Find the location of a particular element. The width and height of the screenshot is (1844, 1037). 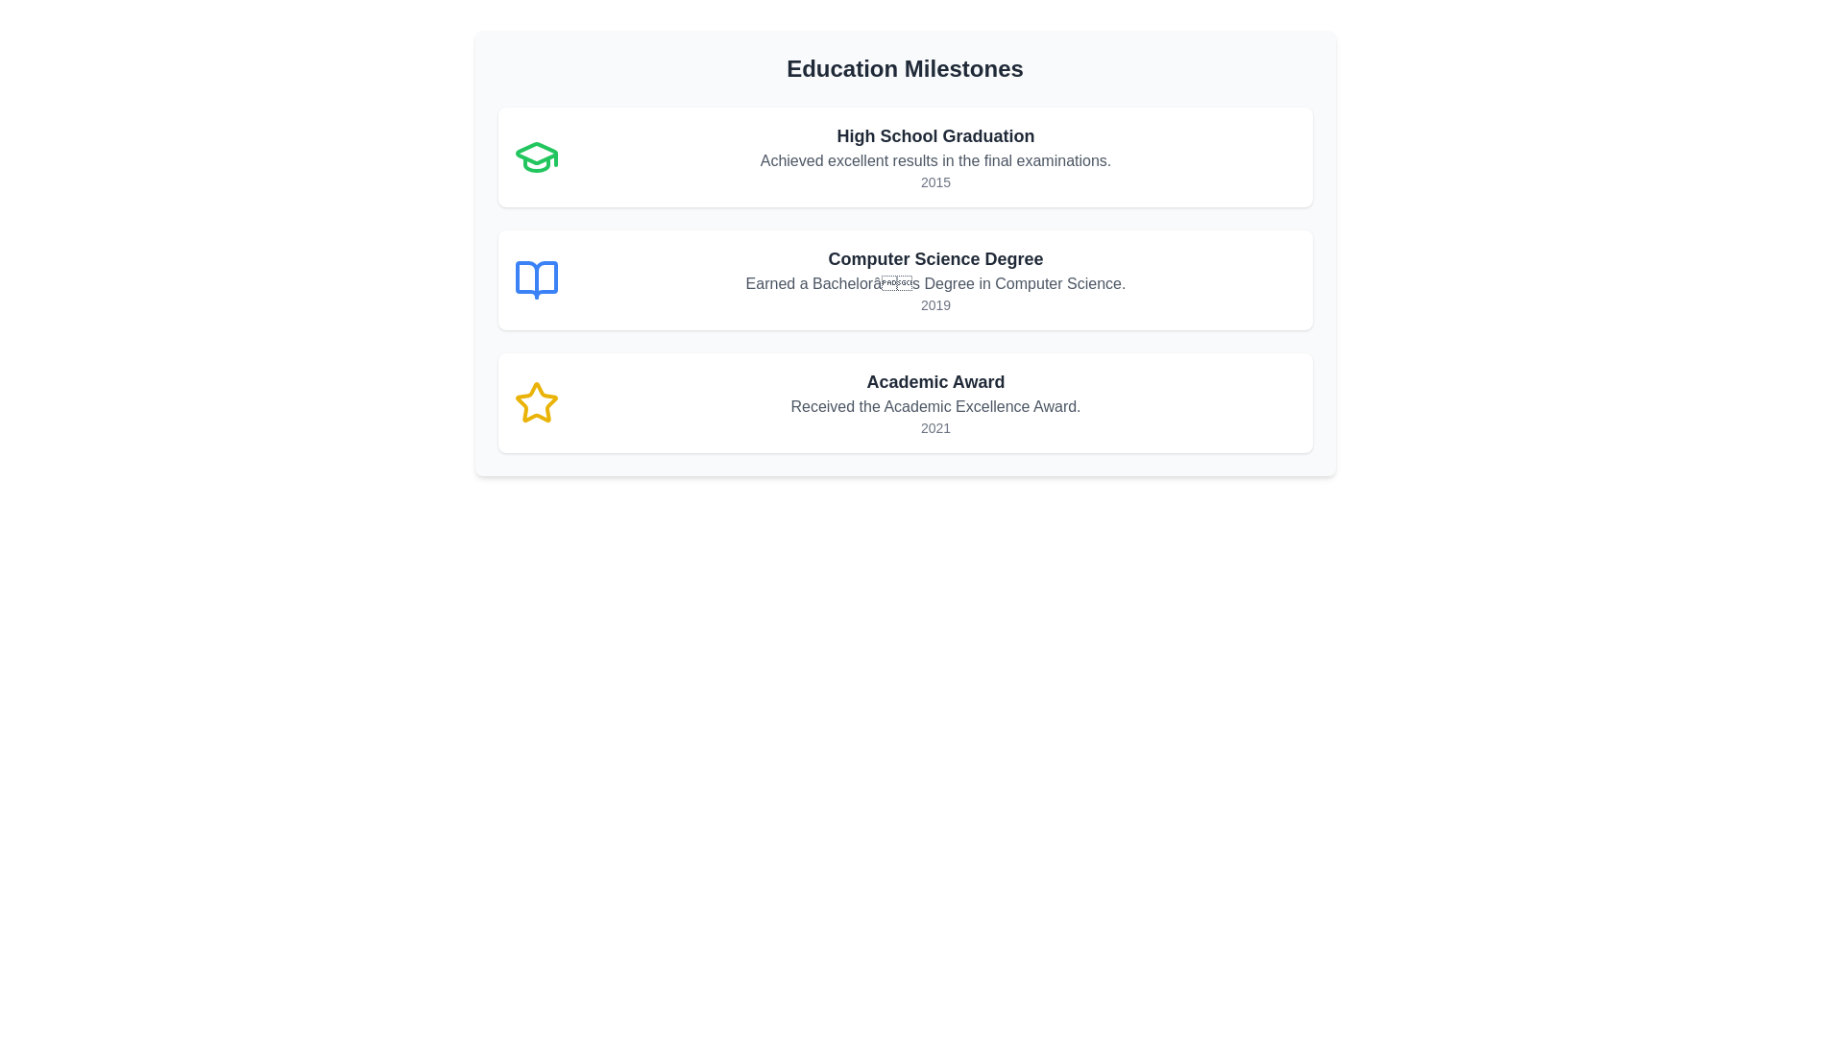

the 'Computer Science Degree' icon in the 'Education Milestones' section, located in the second row and aligned to the left of the text block is located at coordinates (536, 280).